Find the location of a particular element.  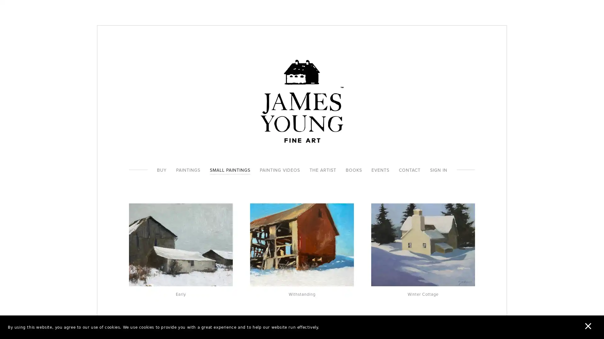

Sign Up! is located at coordinates (302, 207).